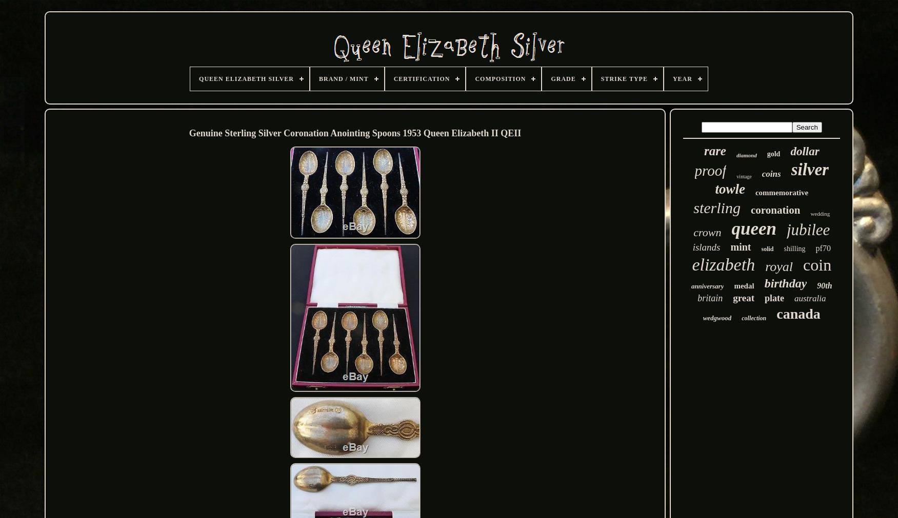  I want to click on 'towle', so click(729, 189).